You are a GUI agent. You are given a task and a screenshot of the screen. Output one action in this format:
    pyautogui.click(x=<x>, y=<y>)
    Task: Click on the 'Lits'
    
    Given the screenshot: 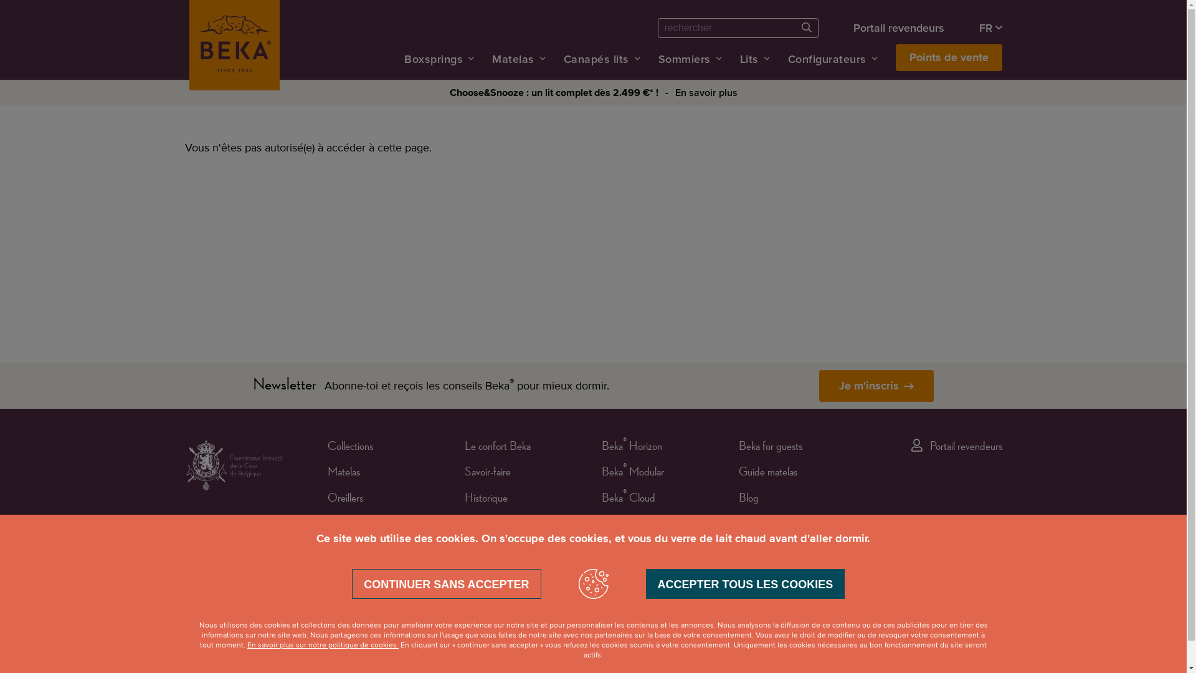 What is the action you would take?
    pyautogui.click(x=749, y=59)
    